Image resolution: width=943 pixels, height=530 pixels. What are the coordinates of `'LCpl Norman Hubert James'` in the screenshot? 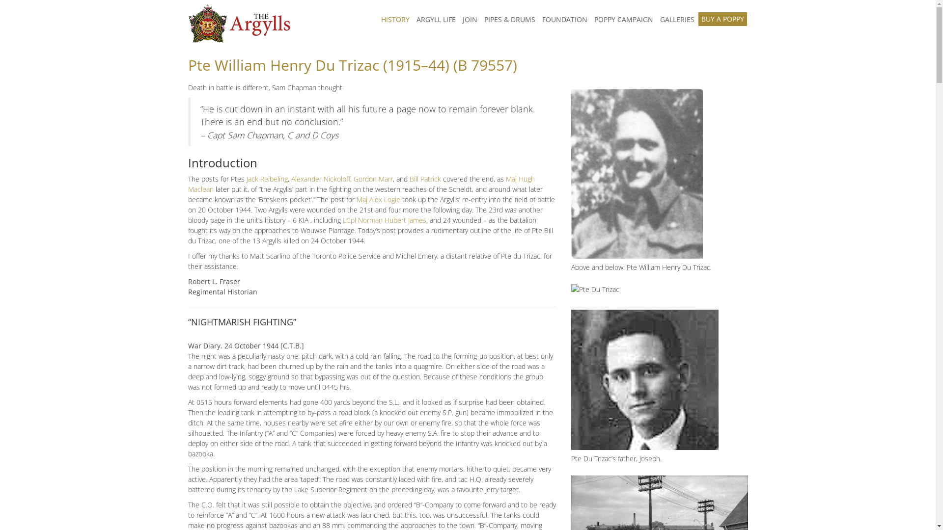 It's located at (384, 219).